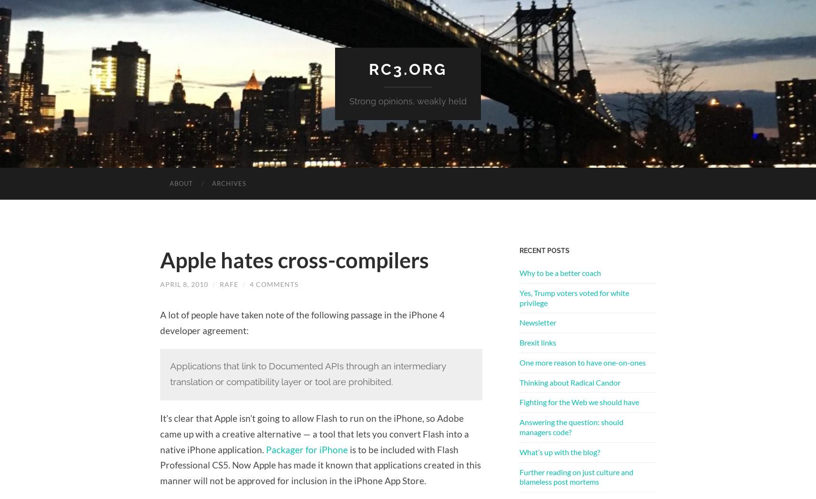 Image resolution: width=816 pixels, height=499 pixels. Describe the element at coordinates (249, 283) in the screenshot. I see `'4 Comments'` at that location.